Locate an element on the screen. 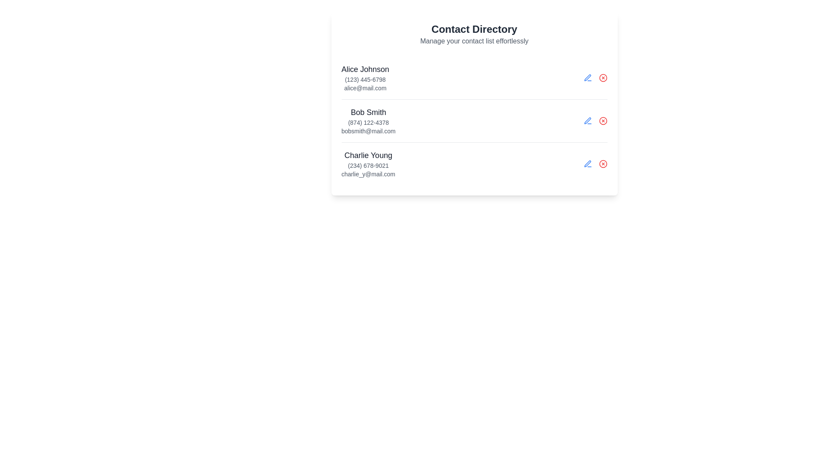  delete button for the contact with the name Bob Smith is located at coordinates (602, 121).